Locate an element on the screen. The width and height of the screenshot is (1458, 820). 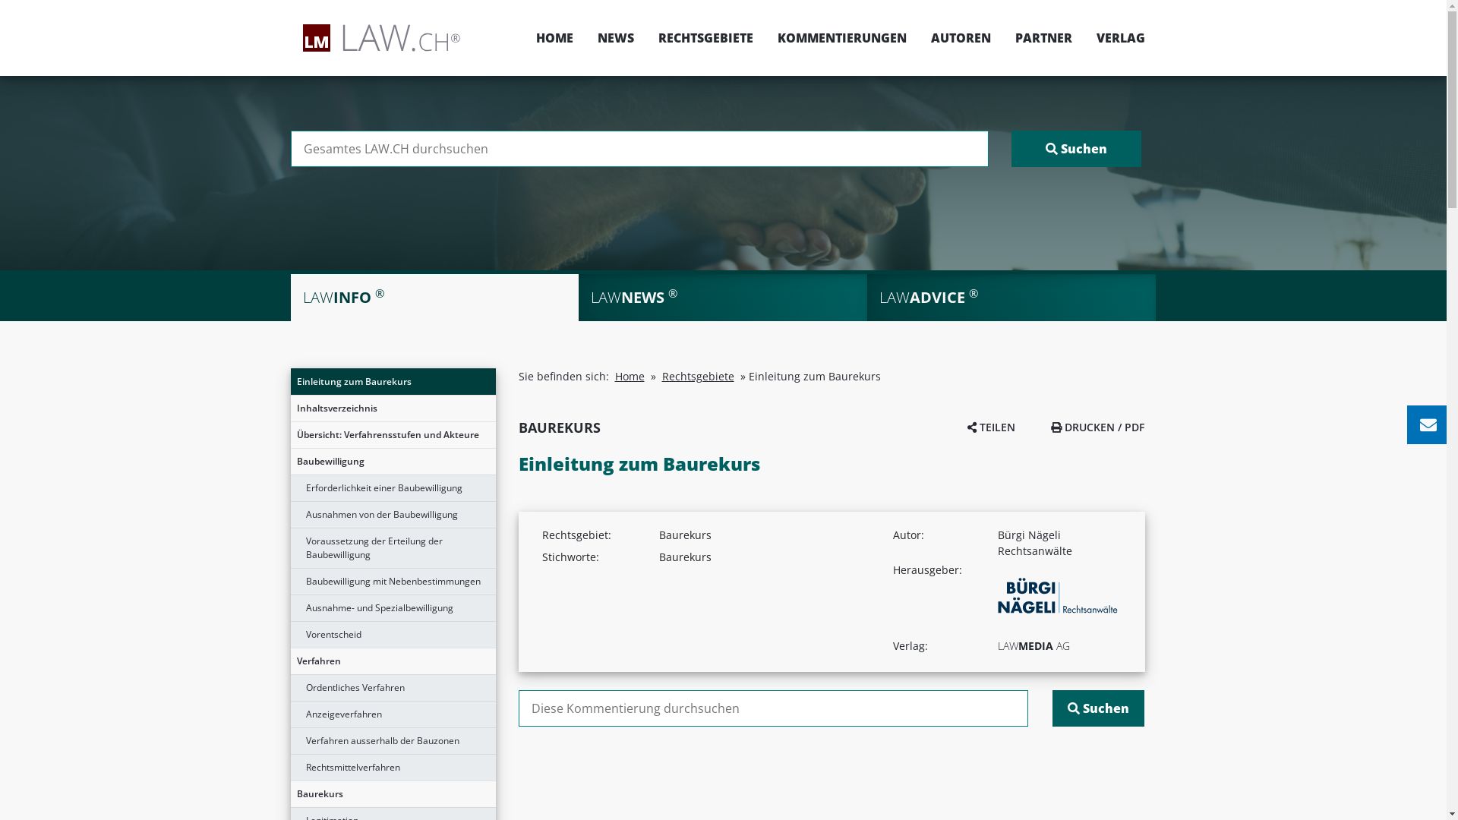
'KOMMENTIERUNGEN' is located at coordinates (841, 37).